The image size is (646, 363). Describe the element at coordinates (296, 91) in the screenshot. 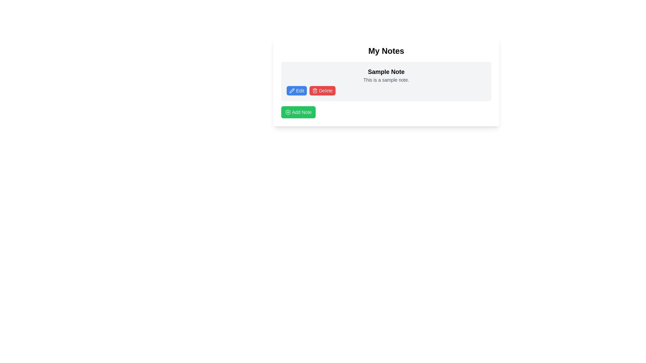

I see `the 'Edit' button, which has white text on a blue background and a pencil icon` at that location.